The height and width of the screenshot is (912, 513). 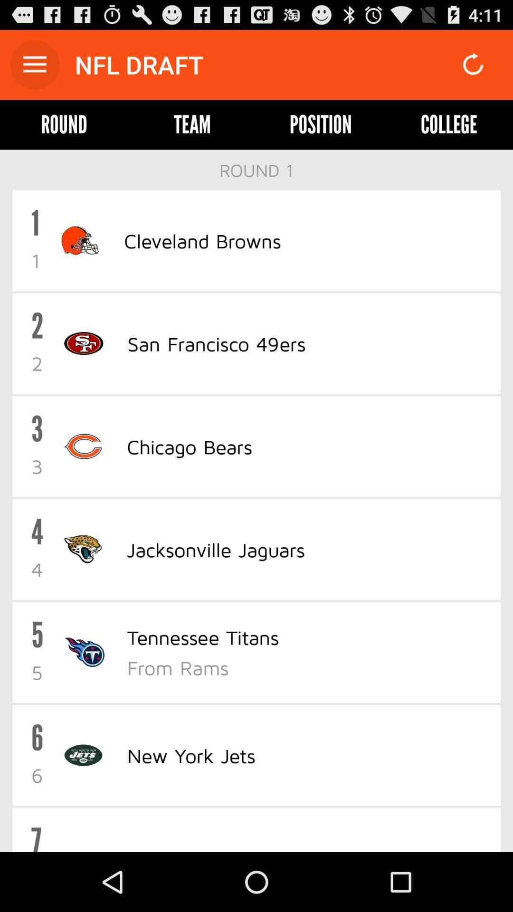 What do you see at coordinates (321, 124) in the screenshot?
I see `icon to the left of college` at bounding box center [321, 124].